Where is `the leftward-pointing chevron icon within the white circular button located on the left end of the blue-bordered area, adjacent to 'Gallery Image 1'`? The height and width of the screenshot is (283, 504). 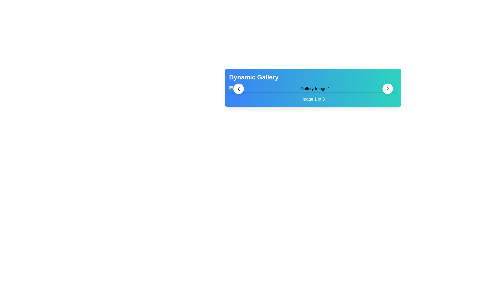 the leftward-pointing chevron icon within the white circular button located on the left end of the blue-bordered area, adjacent to 'Gallery Image 1' is located at coordinates (238, 89).